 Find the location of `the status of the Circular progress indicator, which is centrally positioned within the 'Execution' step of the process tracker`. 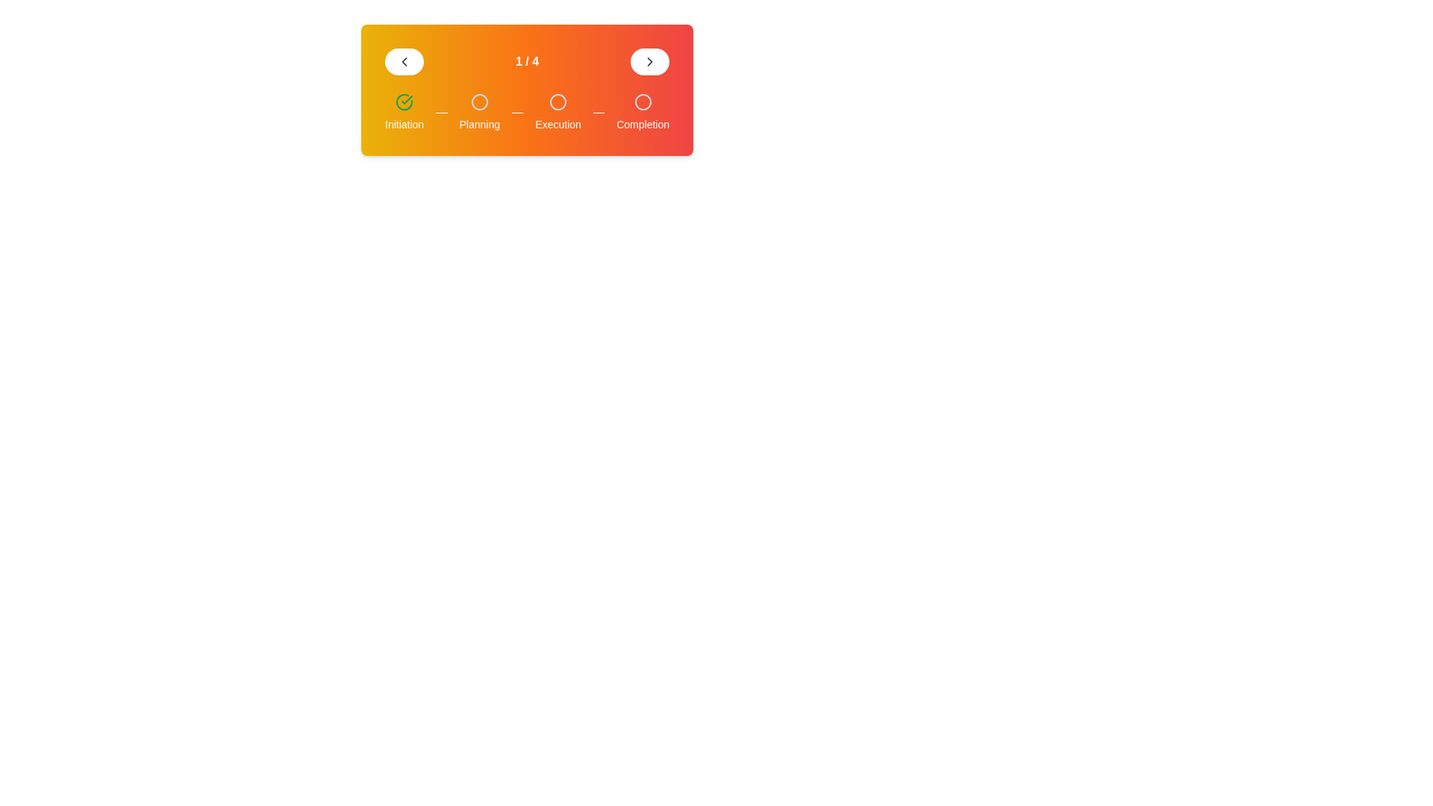

the status of the Circular progress indicator, which is centrally positioned within the 'Execution' step of the process tracker is located at coordinates (558, 101).